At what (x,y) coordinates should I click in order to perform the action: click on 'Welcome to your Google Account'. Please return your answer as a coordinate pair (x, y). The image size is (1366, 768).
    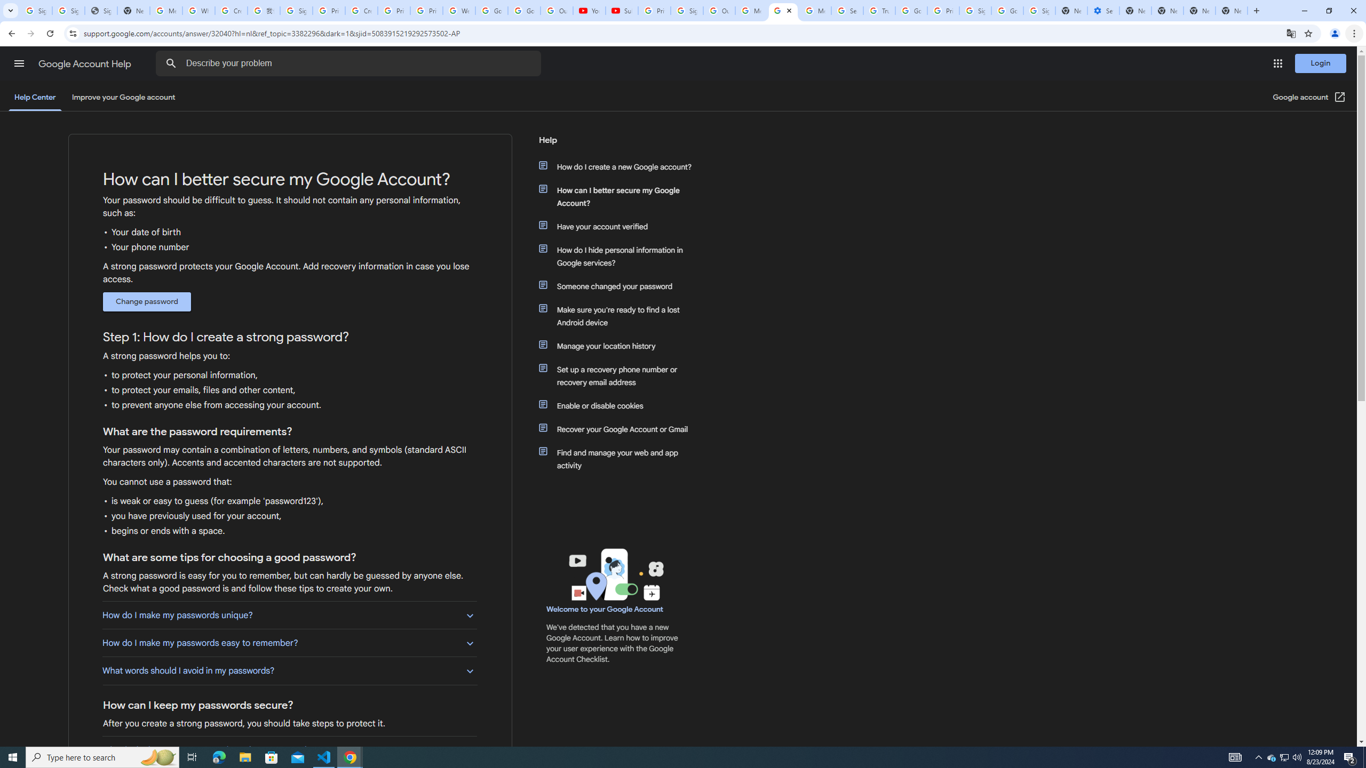
    Looking at the image, I should click on (605, 609).